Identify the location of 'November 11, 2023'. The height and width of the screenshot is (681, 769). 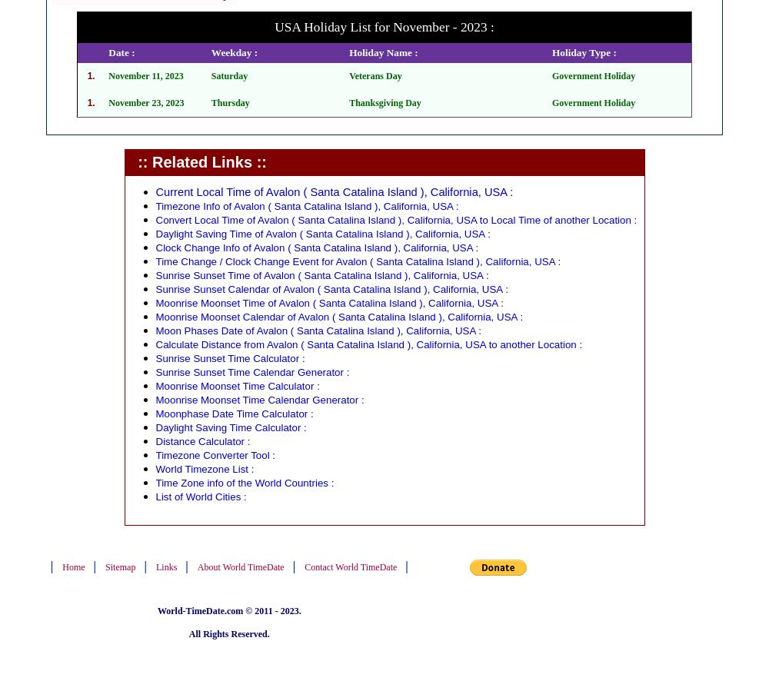
(108, 75).